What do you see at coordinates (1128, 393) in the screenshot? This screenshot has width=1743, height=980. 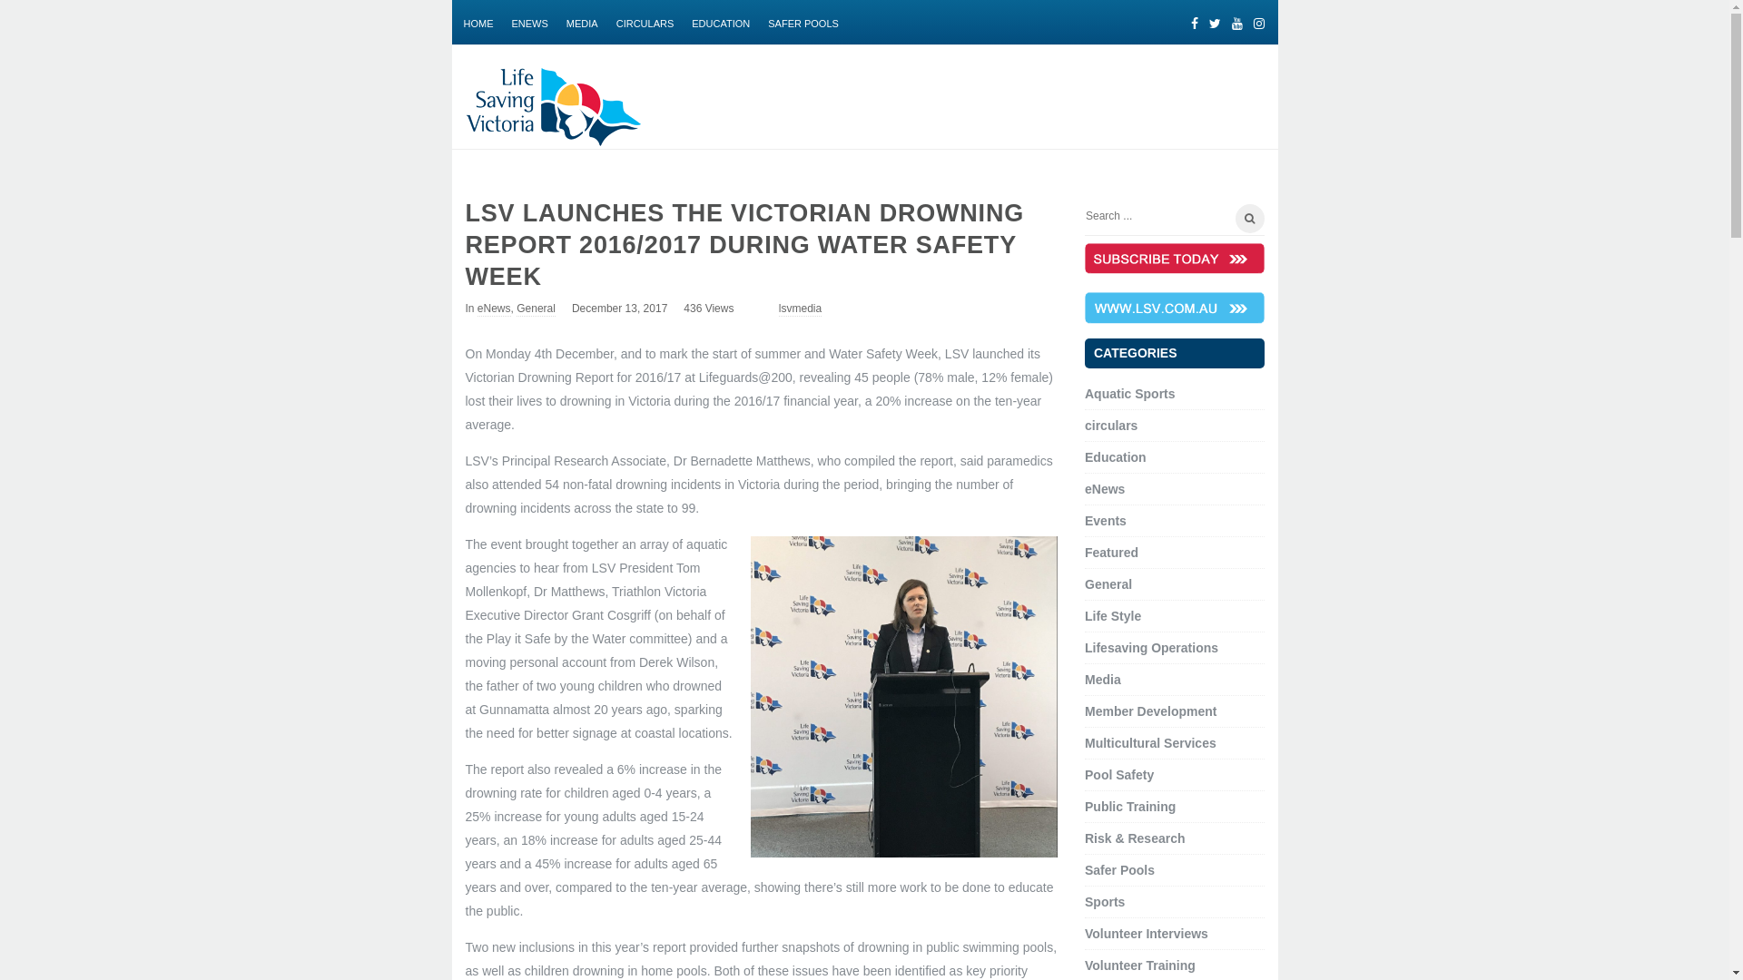 I see `'Aquatic Sports'` at bounding box center [1128, 393].